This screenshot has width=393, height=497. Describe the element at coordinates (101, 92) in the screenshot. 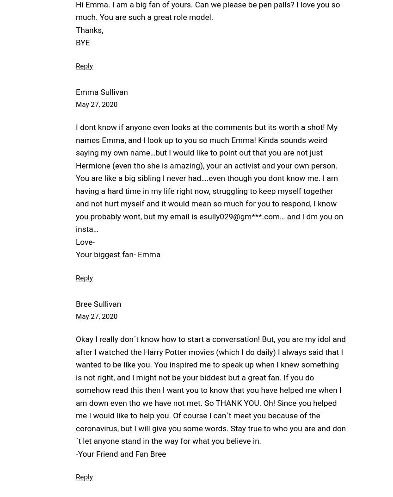

I see `'Emma Sullivan'` at that location.